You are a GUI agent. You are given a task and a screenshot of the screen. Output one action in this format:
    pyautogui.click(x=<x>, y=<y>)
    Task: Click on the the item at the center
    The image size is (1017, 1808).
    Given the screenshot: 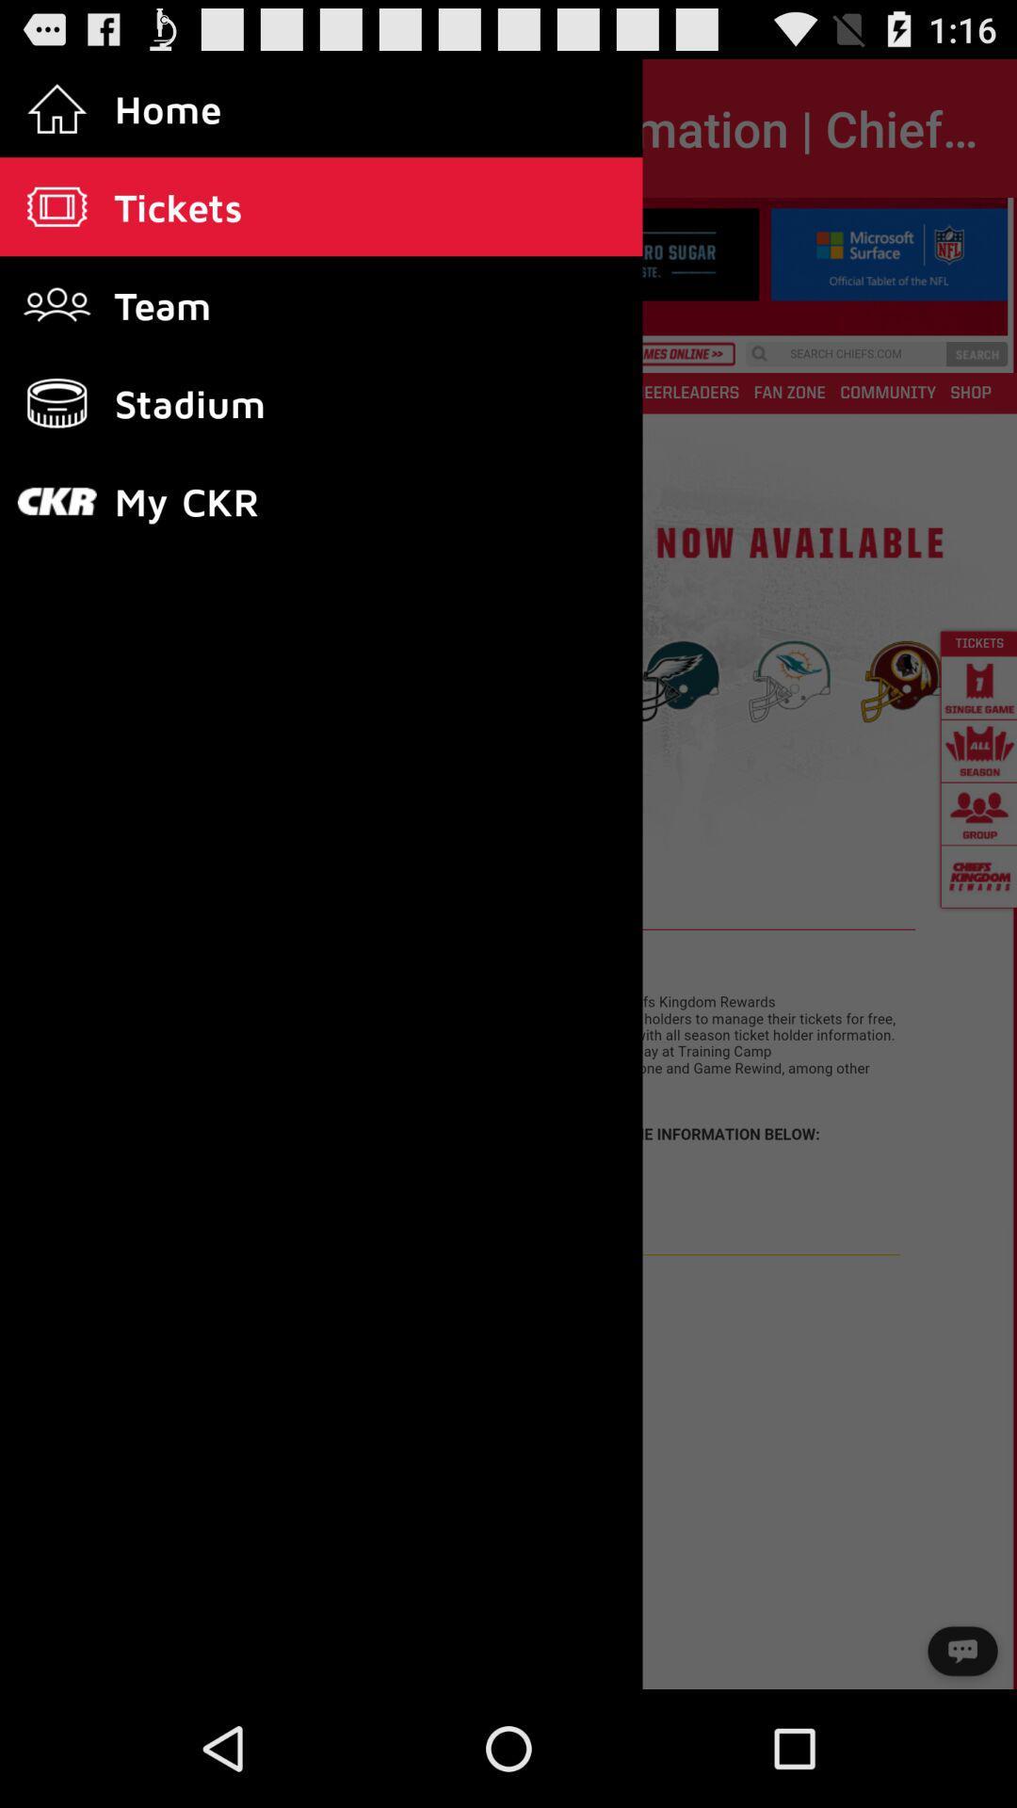 What is the action you would take?
    pyautogui.click(x=508, y=944)
    